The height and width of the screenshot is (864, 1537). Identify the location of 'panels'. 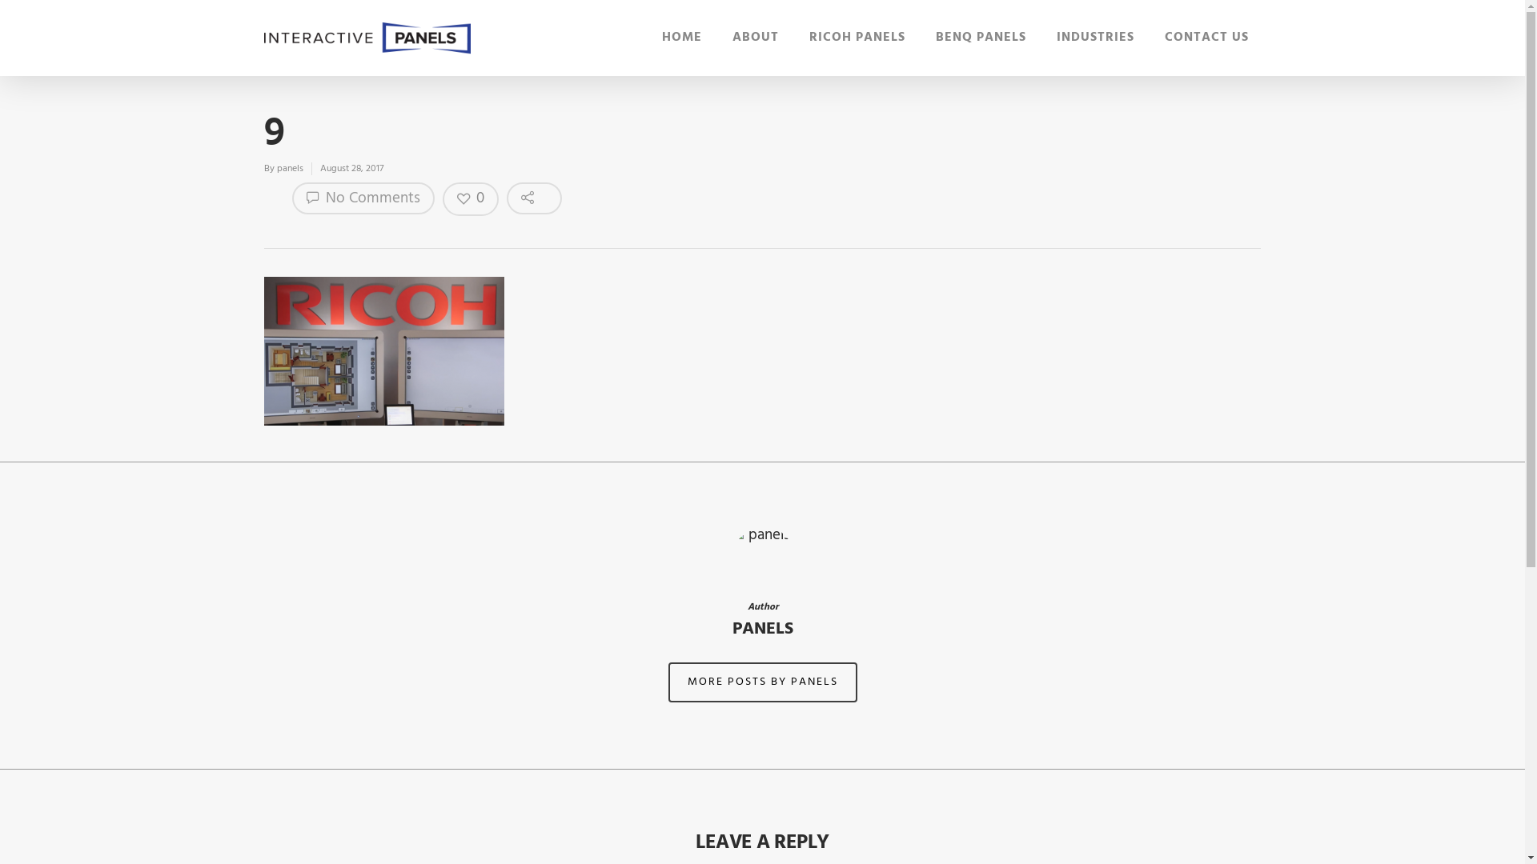
(276, 169).